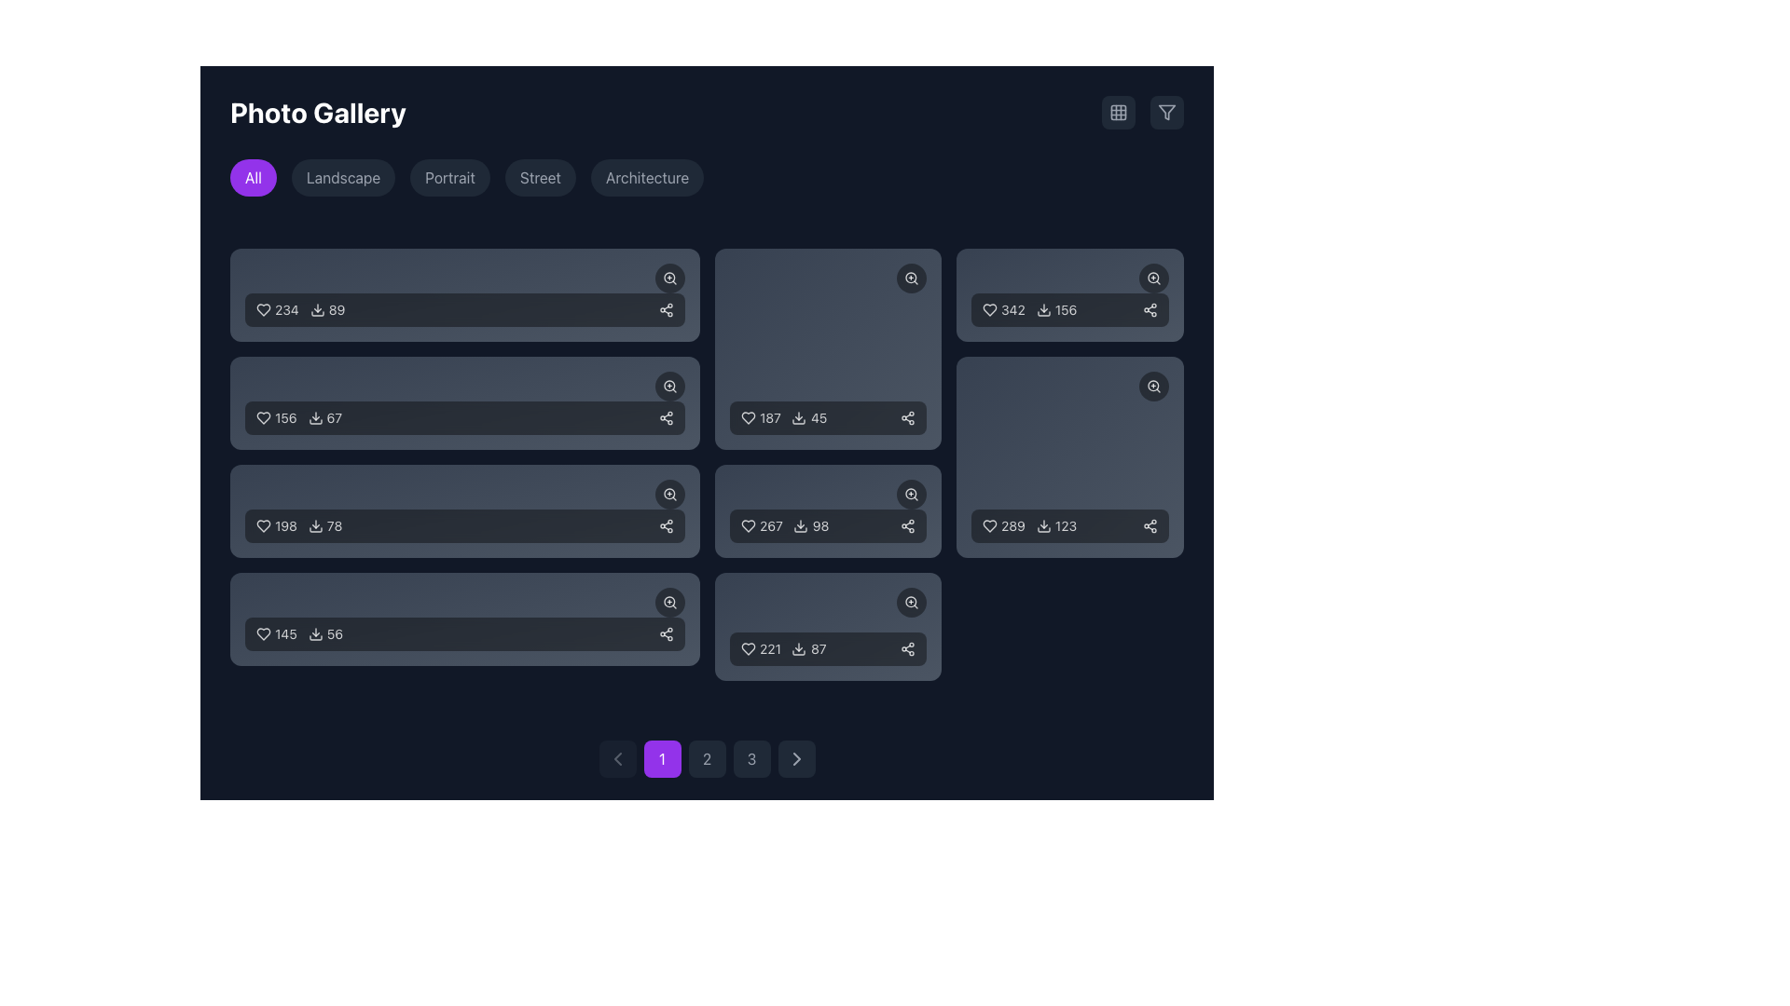  Describe the element at coordinates (1119, 112) in the screenshot. I see `the toggle button for managing the grid-based view located at the top-right corner of the interface, near a funnel-like filter icon` at that location.